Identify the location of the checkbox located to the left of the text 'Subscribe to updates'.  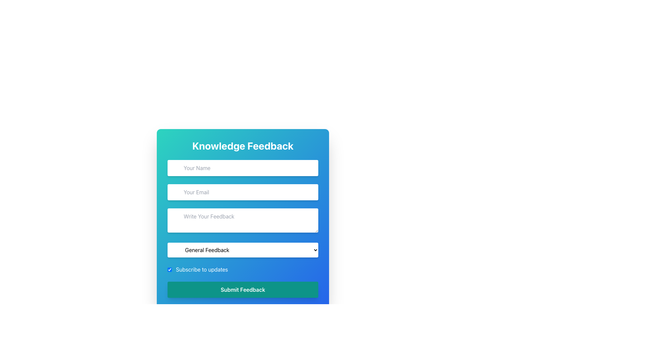
(170, 269).